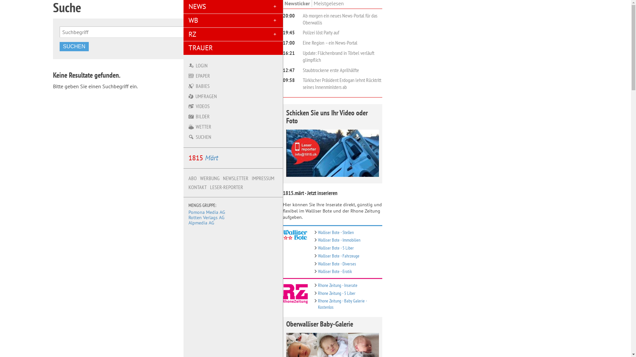  I want to click on 'WETTER', so click(233, 127).